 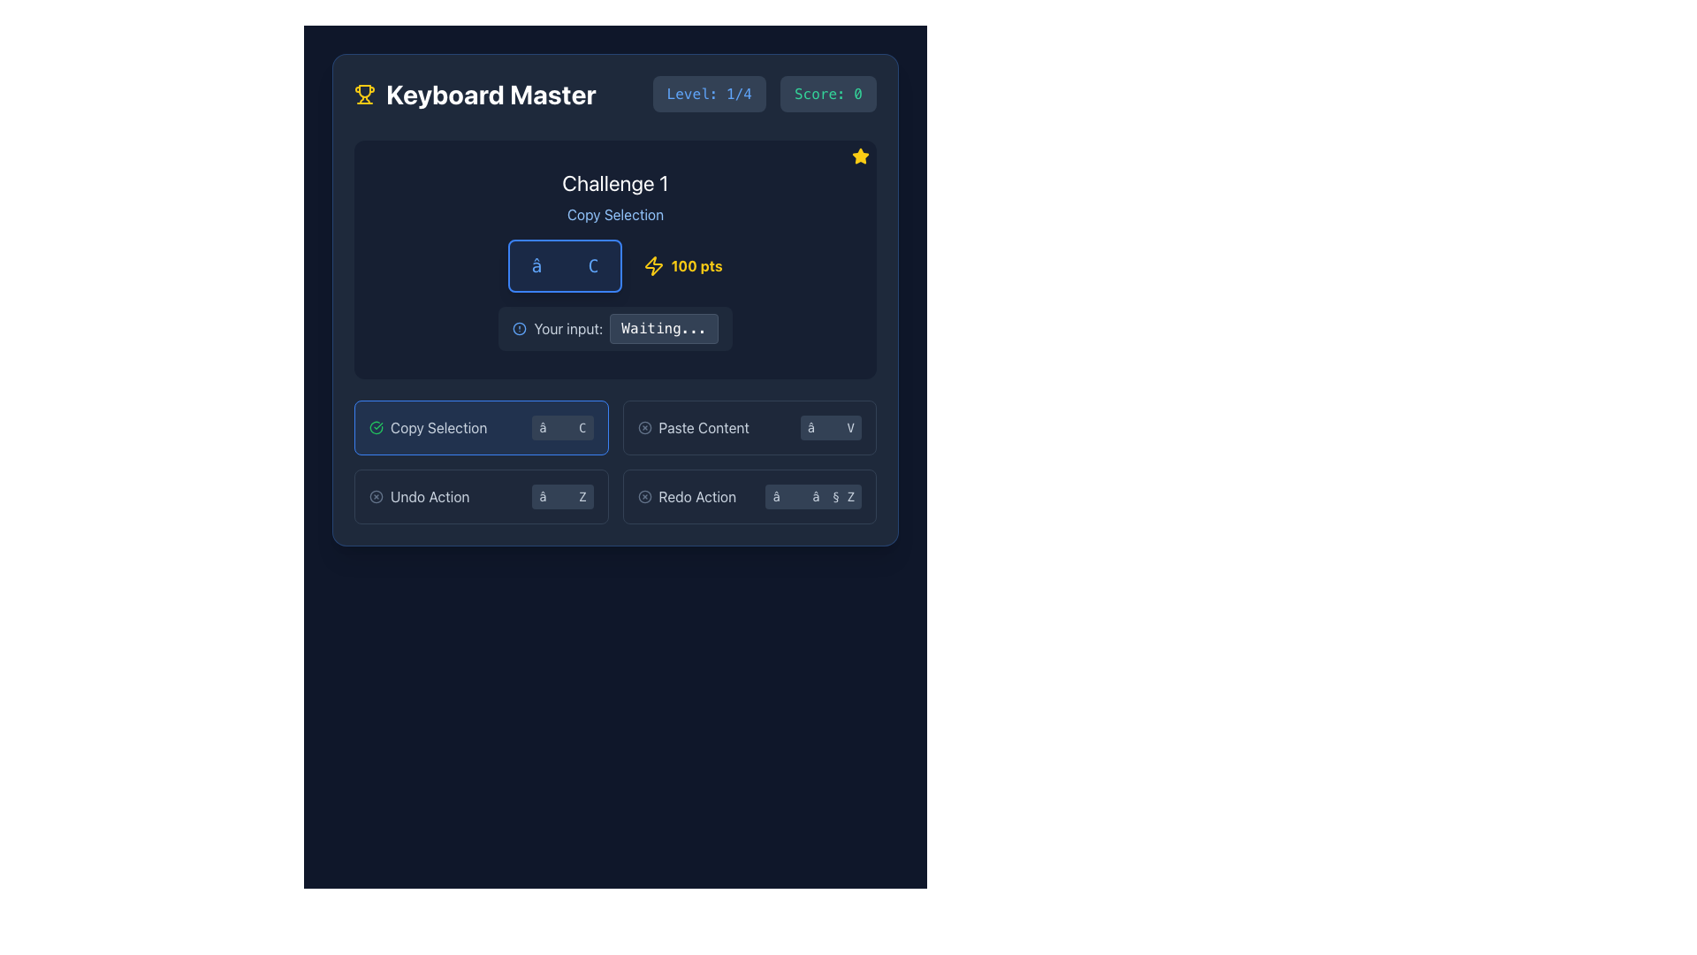 What do you see at coordinates (681, 265) in the screenshot?
I see `the label with icon indicating score or points, located to the right of the blue-highlighted section labeled 'C' in the 'Challenge 1' area` at bounding box center [681, 265].